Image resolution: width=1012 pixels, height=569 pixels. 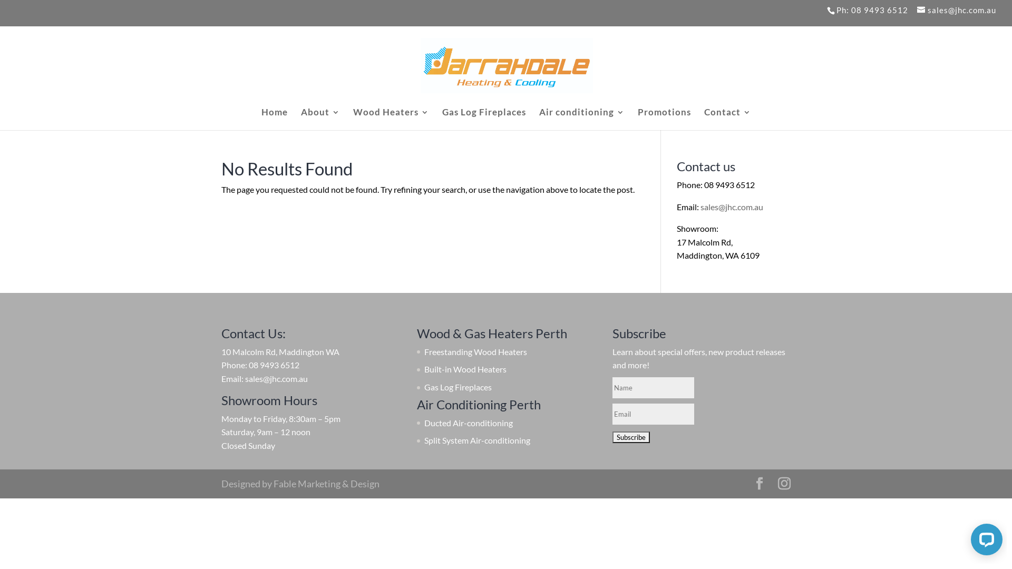 I want to click on 'Home', so click(x=275, y=119).